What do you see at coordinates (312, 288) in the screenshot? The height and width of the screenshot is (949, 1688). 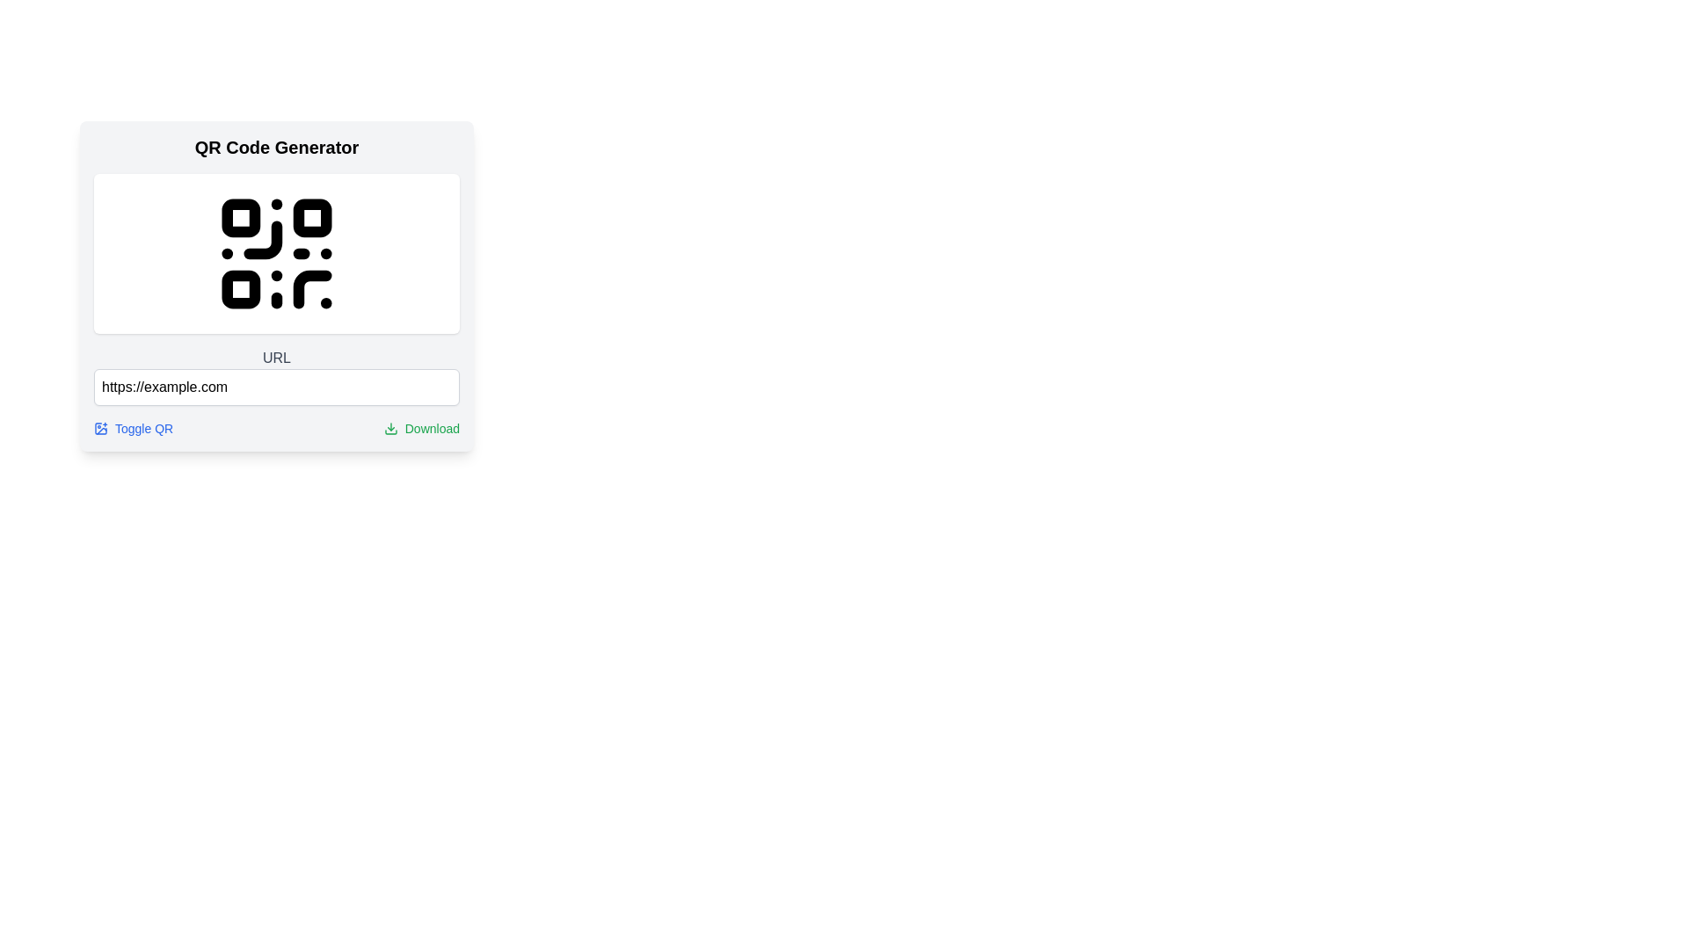 I see `the Curve element, which is a curved line segment located centrally within the bottom-right square of the QR code graphic` at bounding box center [312, 288].